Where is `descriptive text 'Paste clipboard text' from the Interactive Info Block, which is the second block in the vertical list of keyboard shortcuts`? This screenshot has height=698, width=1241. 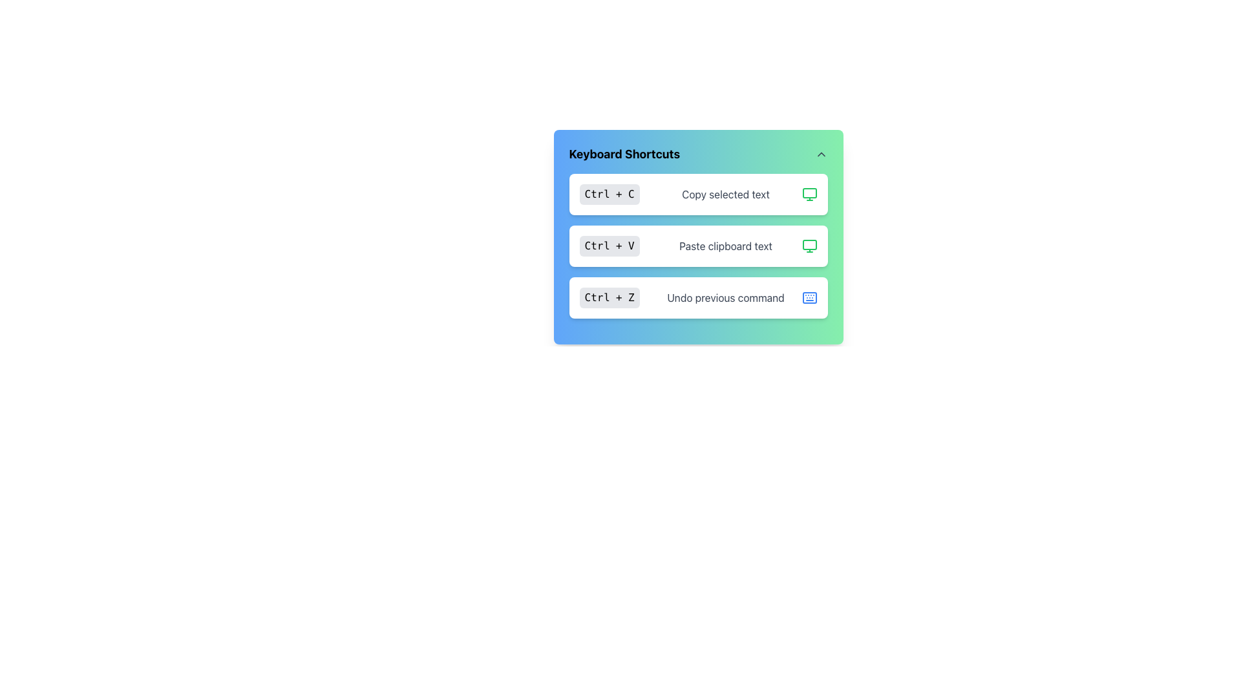 descriptive text 'Paste clipboard text' from the Interactive Info Block, which is the second block in the vertical list of keyboard shortcuts is located at coordinates (697, 246).